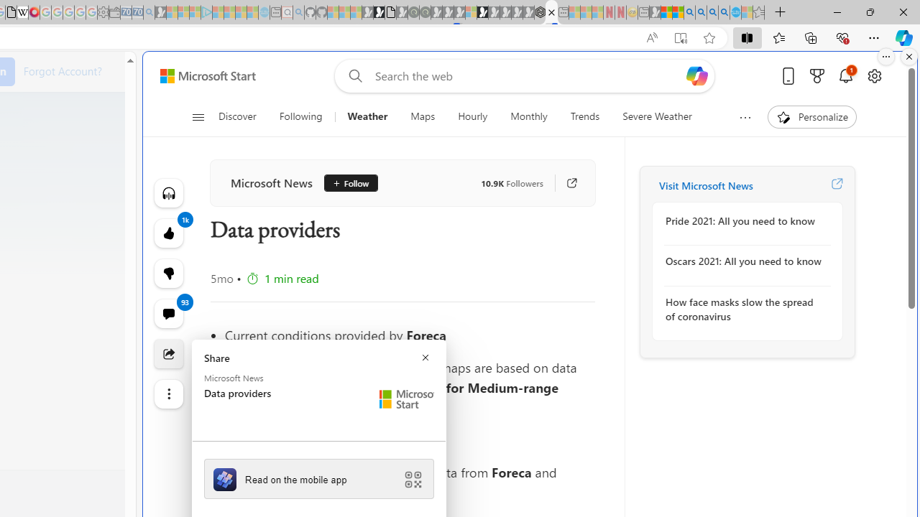 The image size is (920, 517). What do you see at coordinates (422, 116) in the screenshot?
I see `'Maps'` at bounding box center [422, 116].